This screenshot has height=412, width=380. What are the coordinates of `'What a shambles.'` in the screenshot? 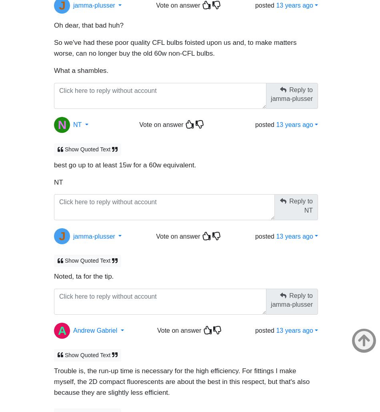 It's located at (54, 67).